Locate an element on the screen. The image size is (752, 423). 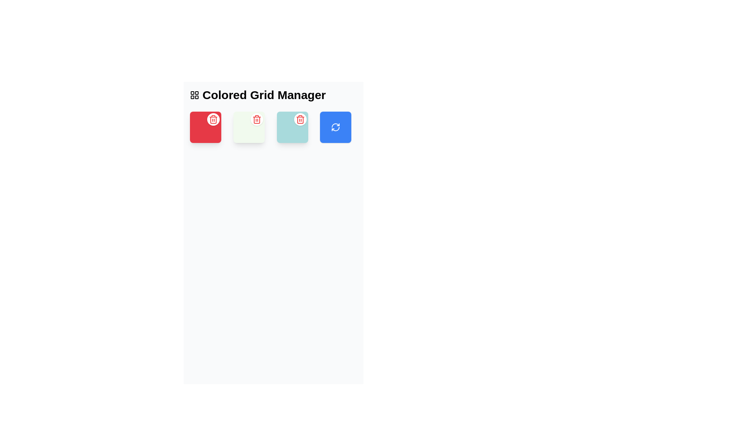
the Text heading that serves as the title for the interface section, which is located near the top of the interface, centered horizontally above a grid of colored square items is located at coordinates (273, 95).